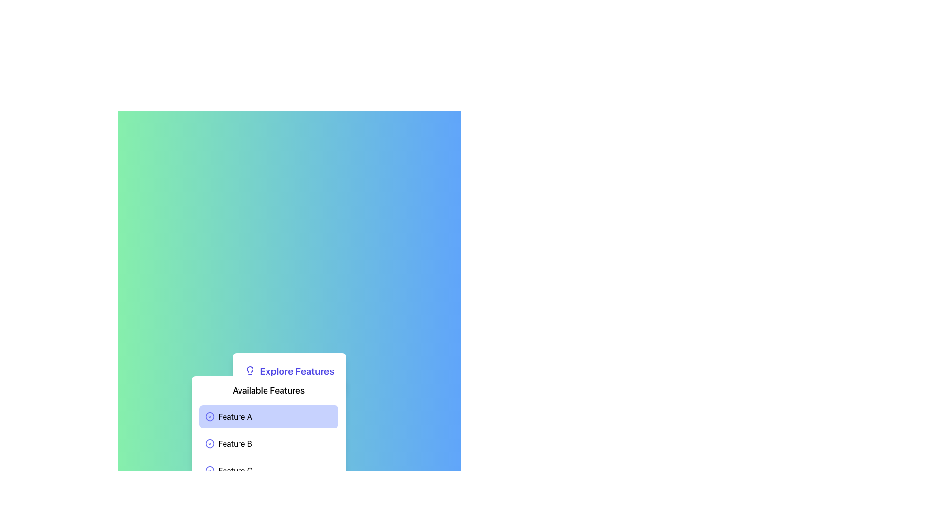 The height and width of the screenshot is (521, 927). Describe the element at coordinates (250, 371) in the screenshot. I see `the exploration icon located to the left of the 'Explore Features' text at the top of the widget` at that location.